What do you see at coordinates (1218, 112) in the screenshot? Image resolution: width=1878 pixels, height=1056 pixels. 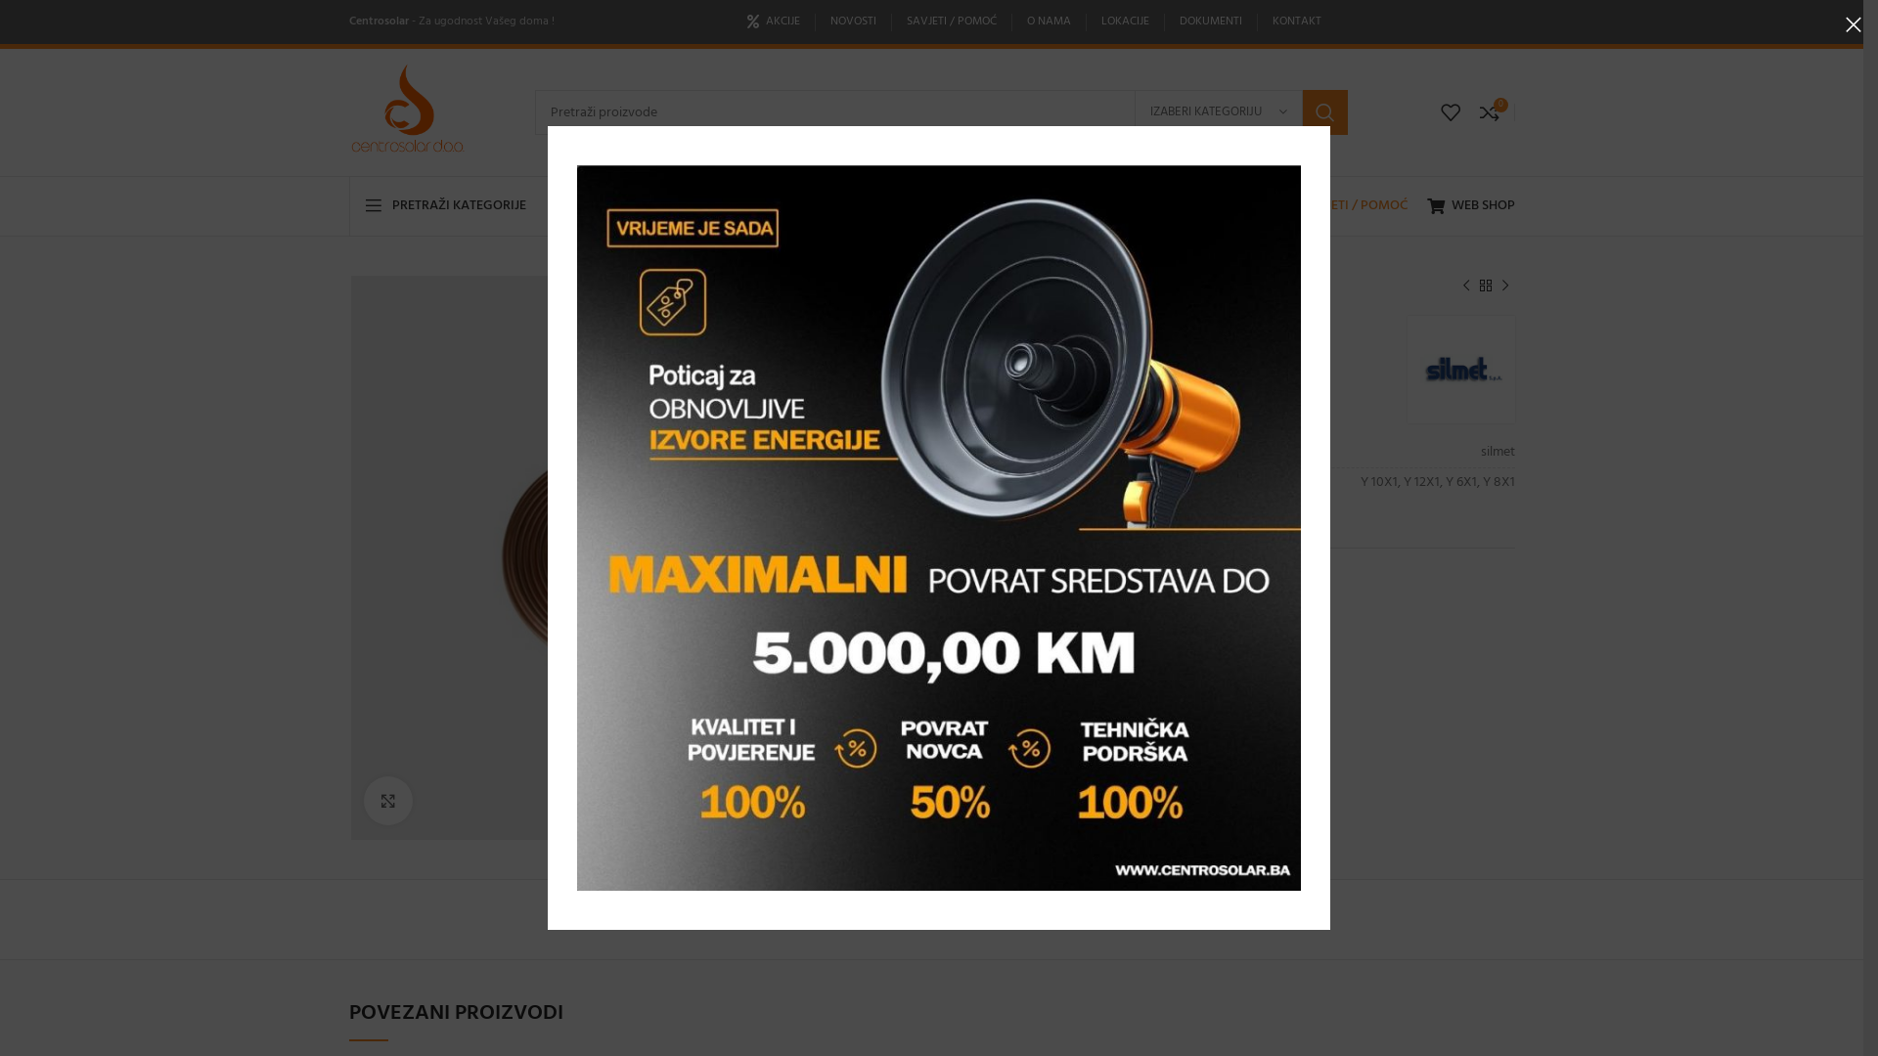 I see `'IZABERI KATEGORIJU'` at bounding box center [1218, 112].